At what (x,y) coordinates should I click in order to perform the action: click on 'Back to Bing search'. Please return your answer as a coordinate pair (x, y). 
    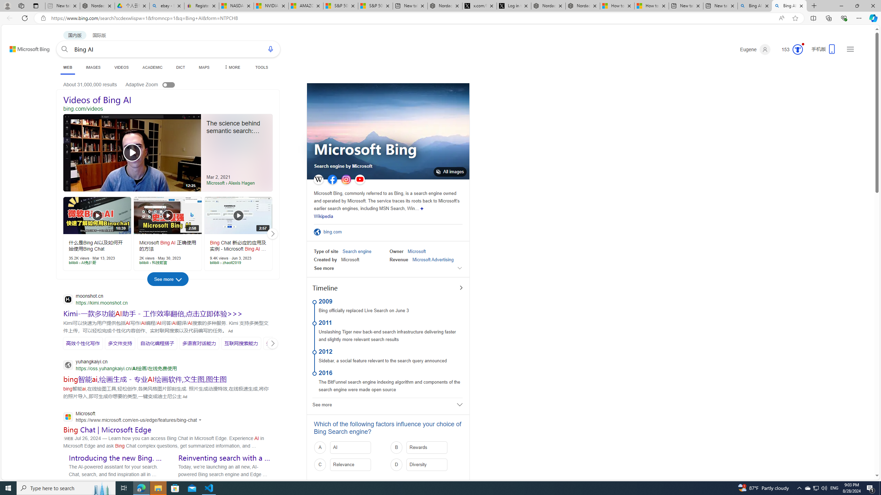
    Looking at the image, I should click on (25, 47).